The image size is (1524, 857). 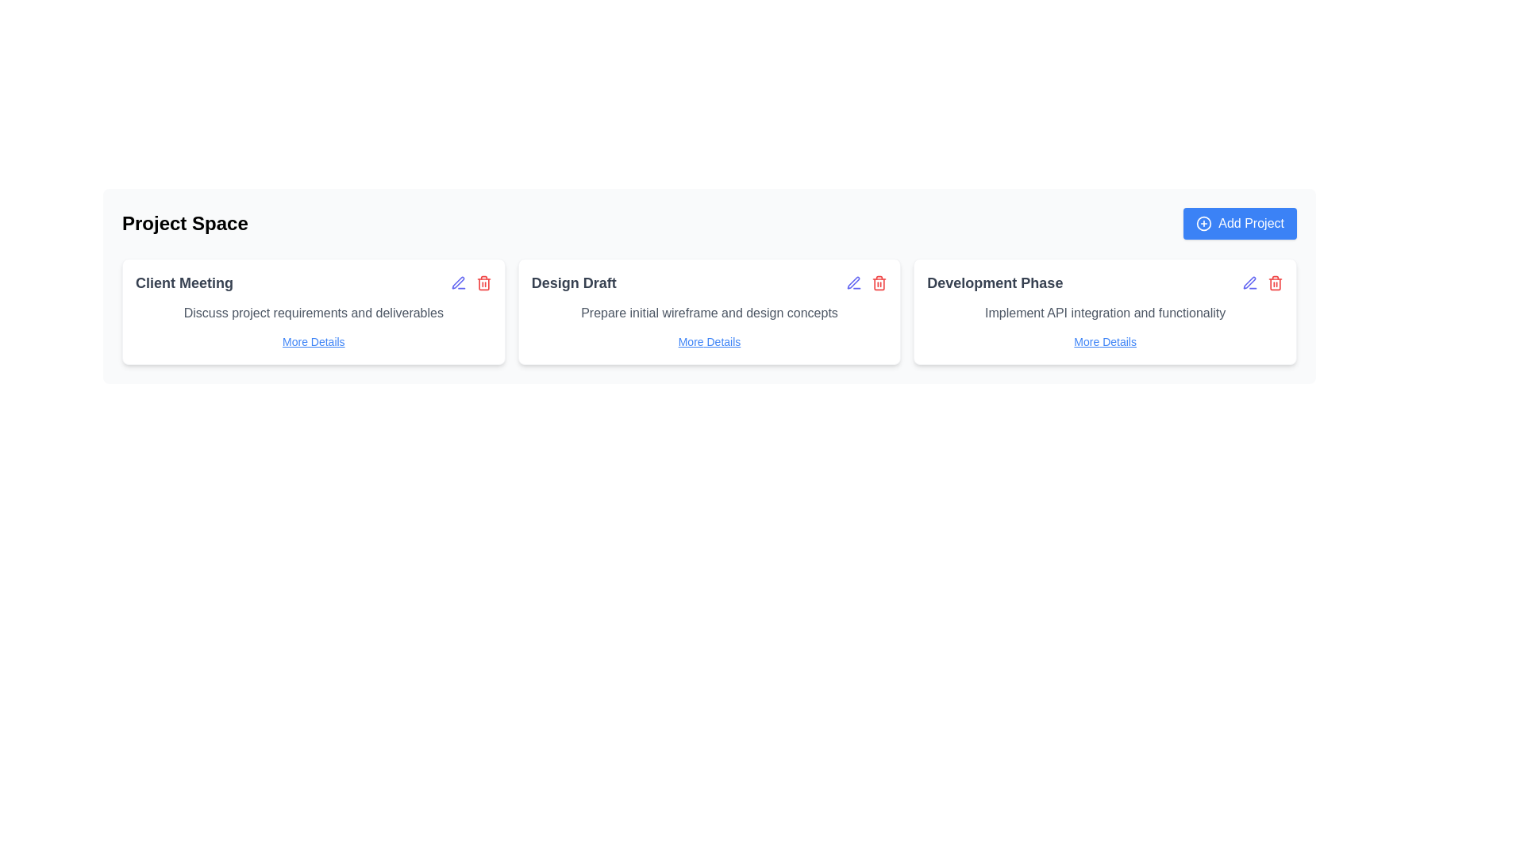 What do you see at coordinates (852, 282) in the screenshot?
I see `the edit pen icon located in the top right corner of the 'Design Draft' card` at bounding box center [852, 282].